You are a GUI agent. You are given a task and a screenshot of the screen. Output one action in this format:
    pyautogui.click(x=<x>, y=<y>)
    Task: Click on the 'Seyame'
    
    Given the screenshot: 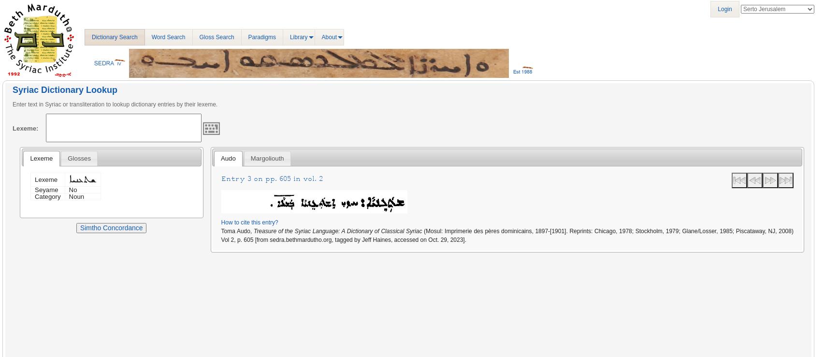 What is the action you would take?
    pyautogui.click(x=34, y=189)
    